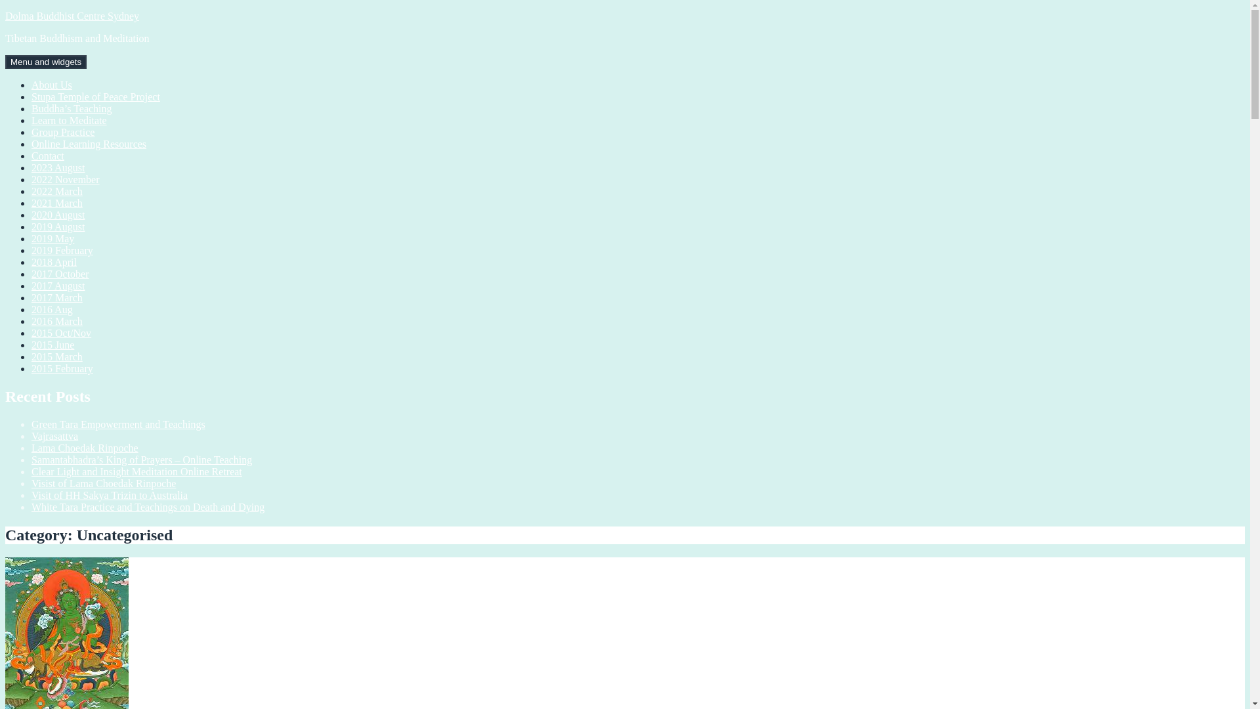 This screenshot has height=709, width=1260. Describe the element at coordinates (72, 16) in the screenshot. I see `'Dolma Buddhist Centre Sydney'` at that location.